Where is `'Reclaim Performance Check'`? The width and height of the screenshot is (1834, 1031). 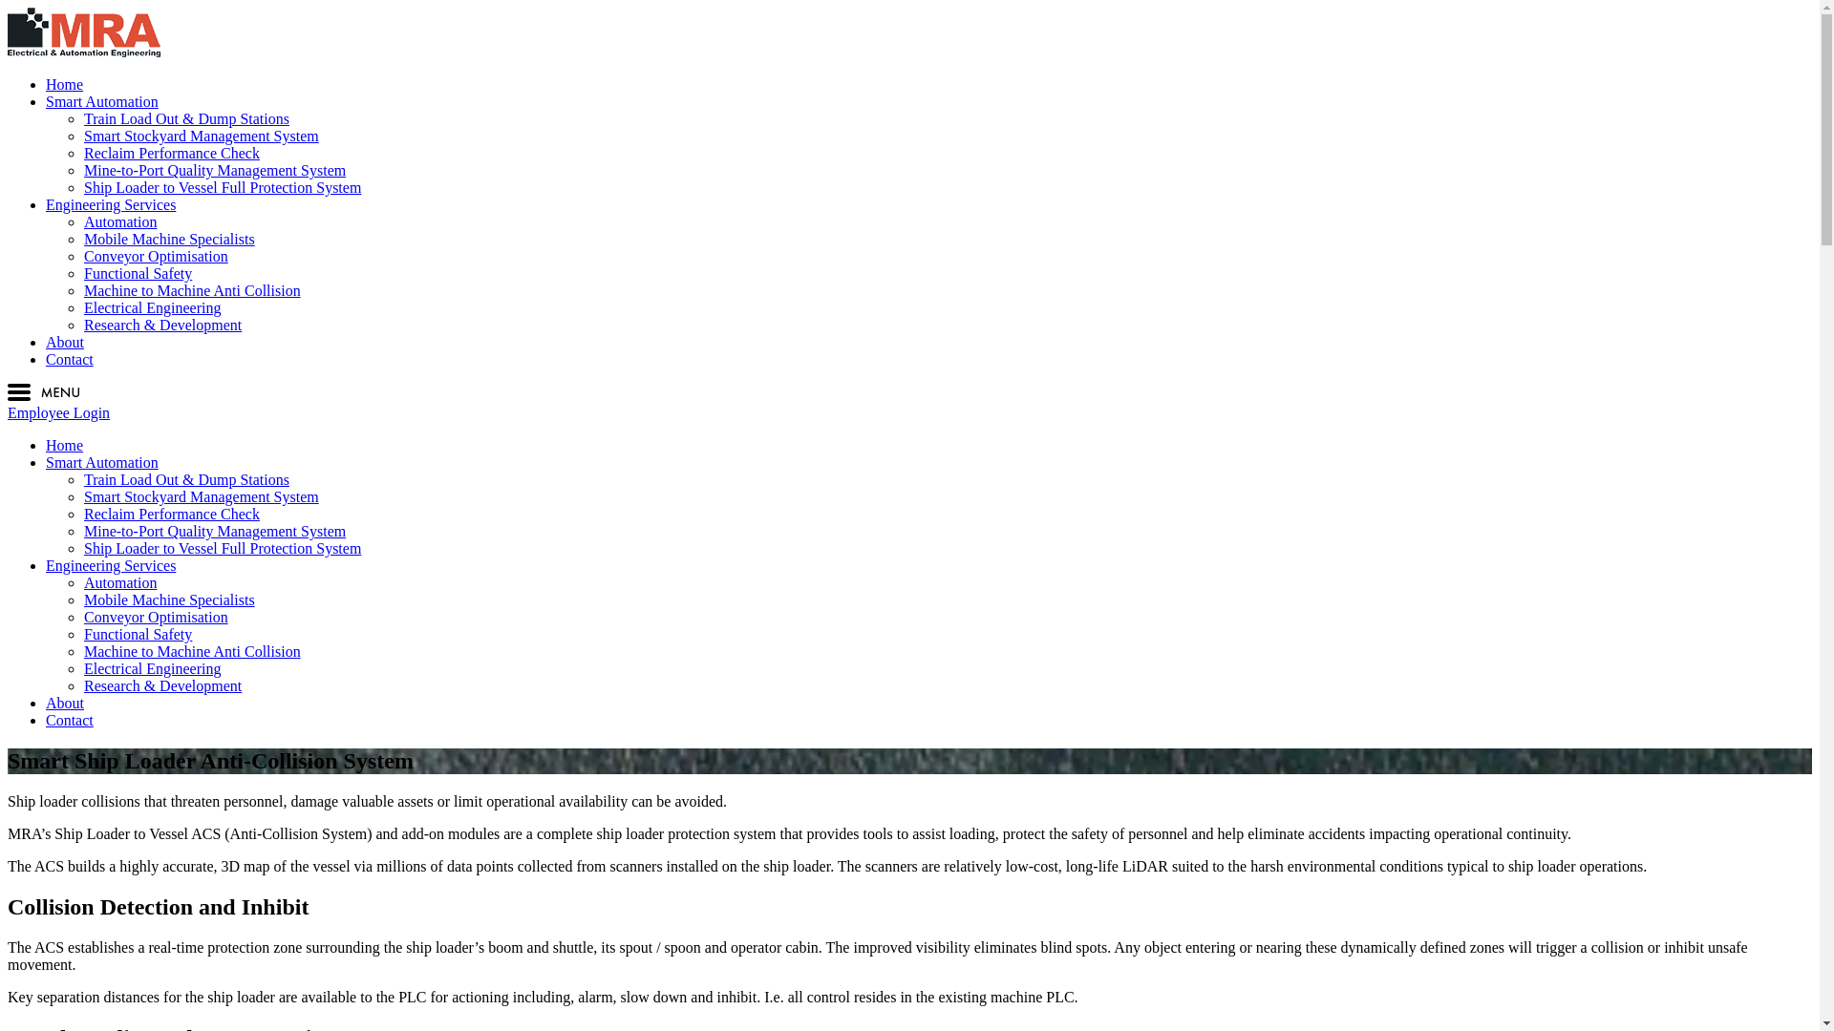 'Reclaim Performance Check' is located at coordinates (172, 513).